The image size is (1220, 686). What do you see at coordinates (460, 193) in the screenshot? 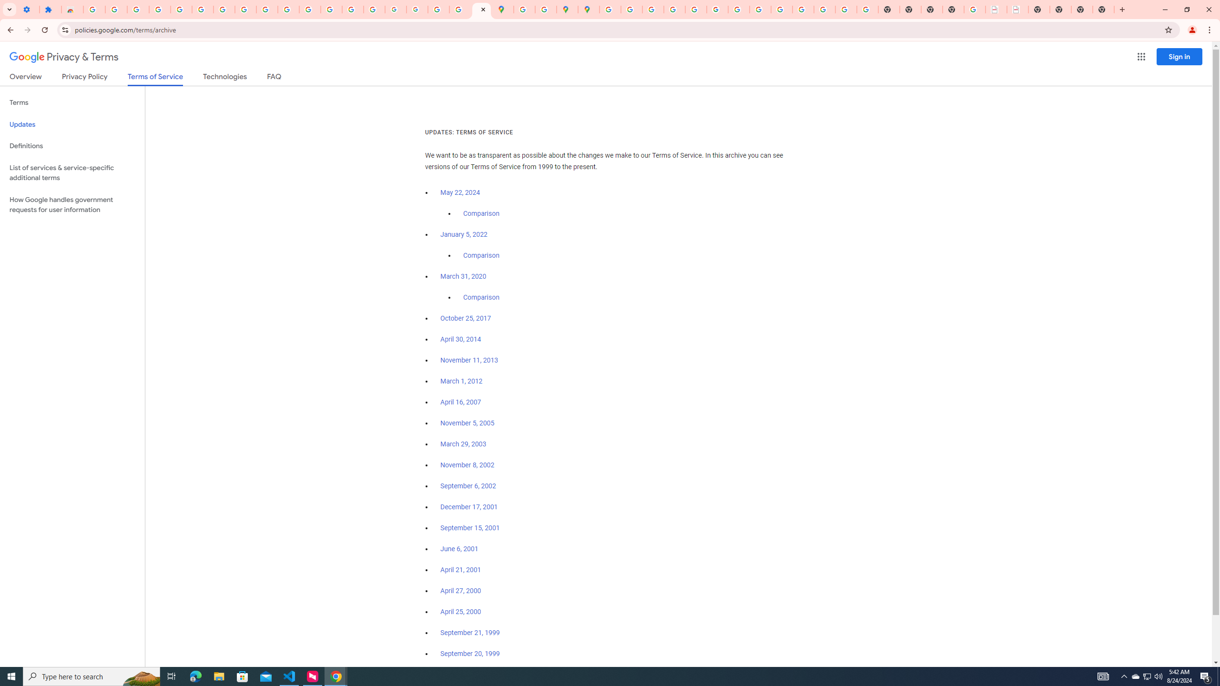
I see `'May 22, 2024'` at bounding box center [460, 193].